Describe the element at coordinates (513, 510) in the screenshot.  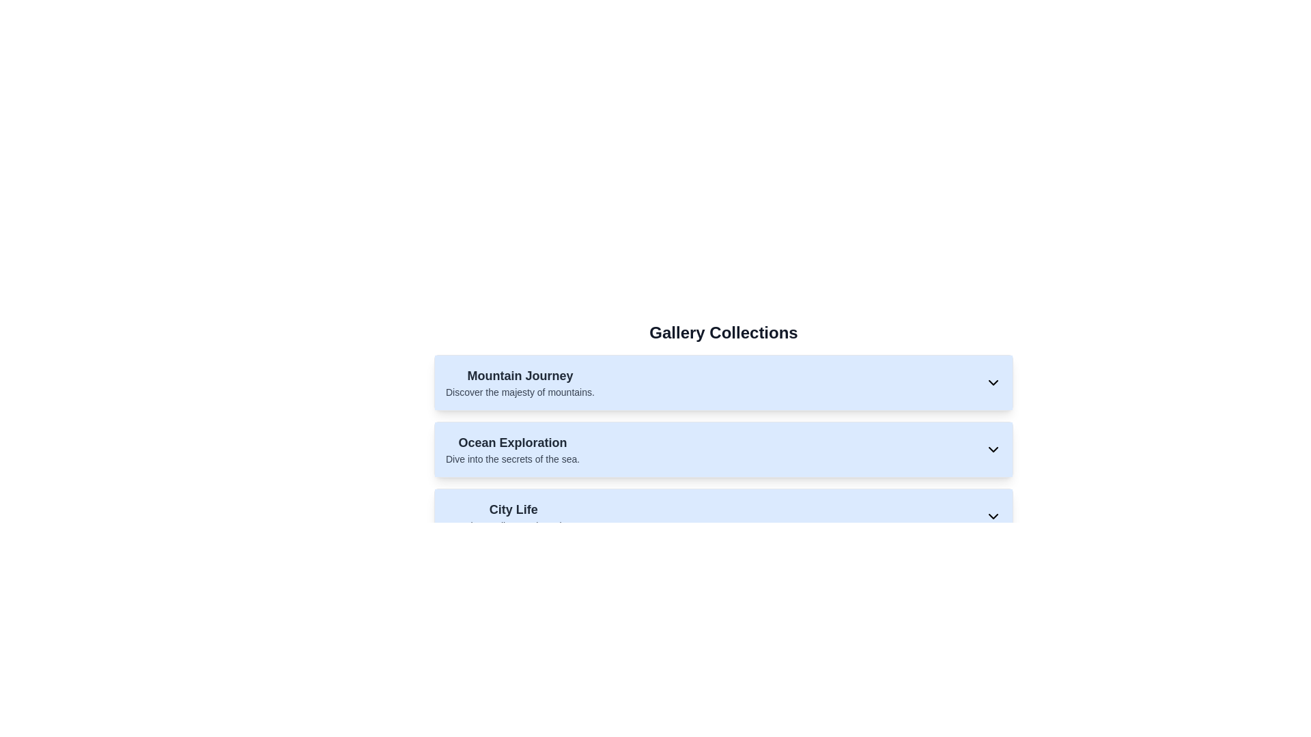
I see `the 'City Life' section title label, which is located in the third section of the interface, above the descriptive text 'Experience vibrant urban views.'` at that location.